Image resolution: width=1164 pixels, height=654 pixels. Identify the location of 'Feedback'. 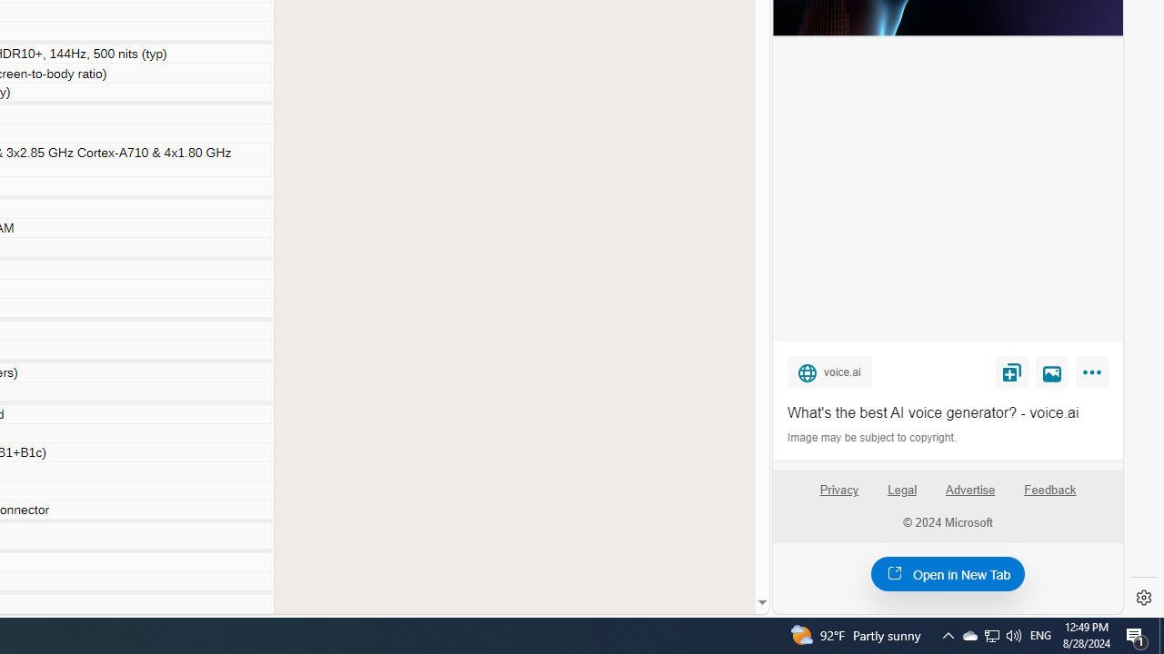
(1050, 489).